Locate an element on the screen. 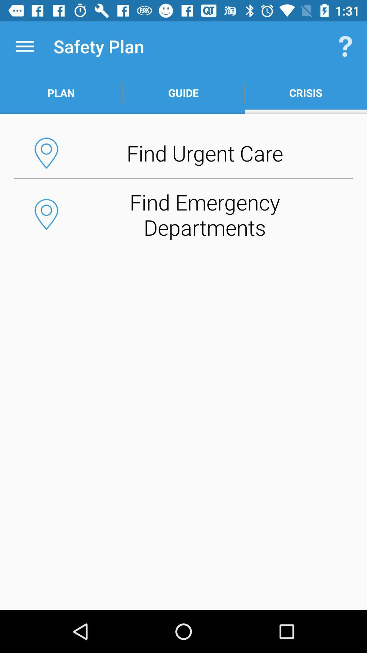  the app below the plan is located at coordinates (183, 153).